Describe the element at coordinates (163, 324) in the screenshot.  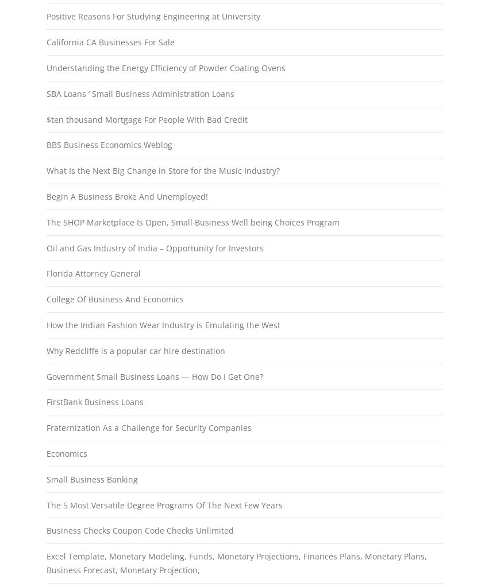
I see `'How the Indian Fashion Wear Industry is Emulating the West'` at that location.